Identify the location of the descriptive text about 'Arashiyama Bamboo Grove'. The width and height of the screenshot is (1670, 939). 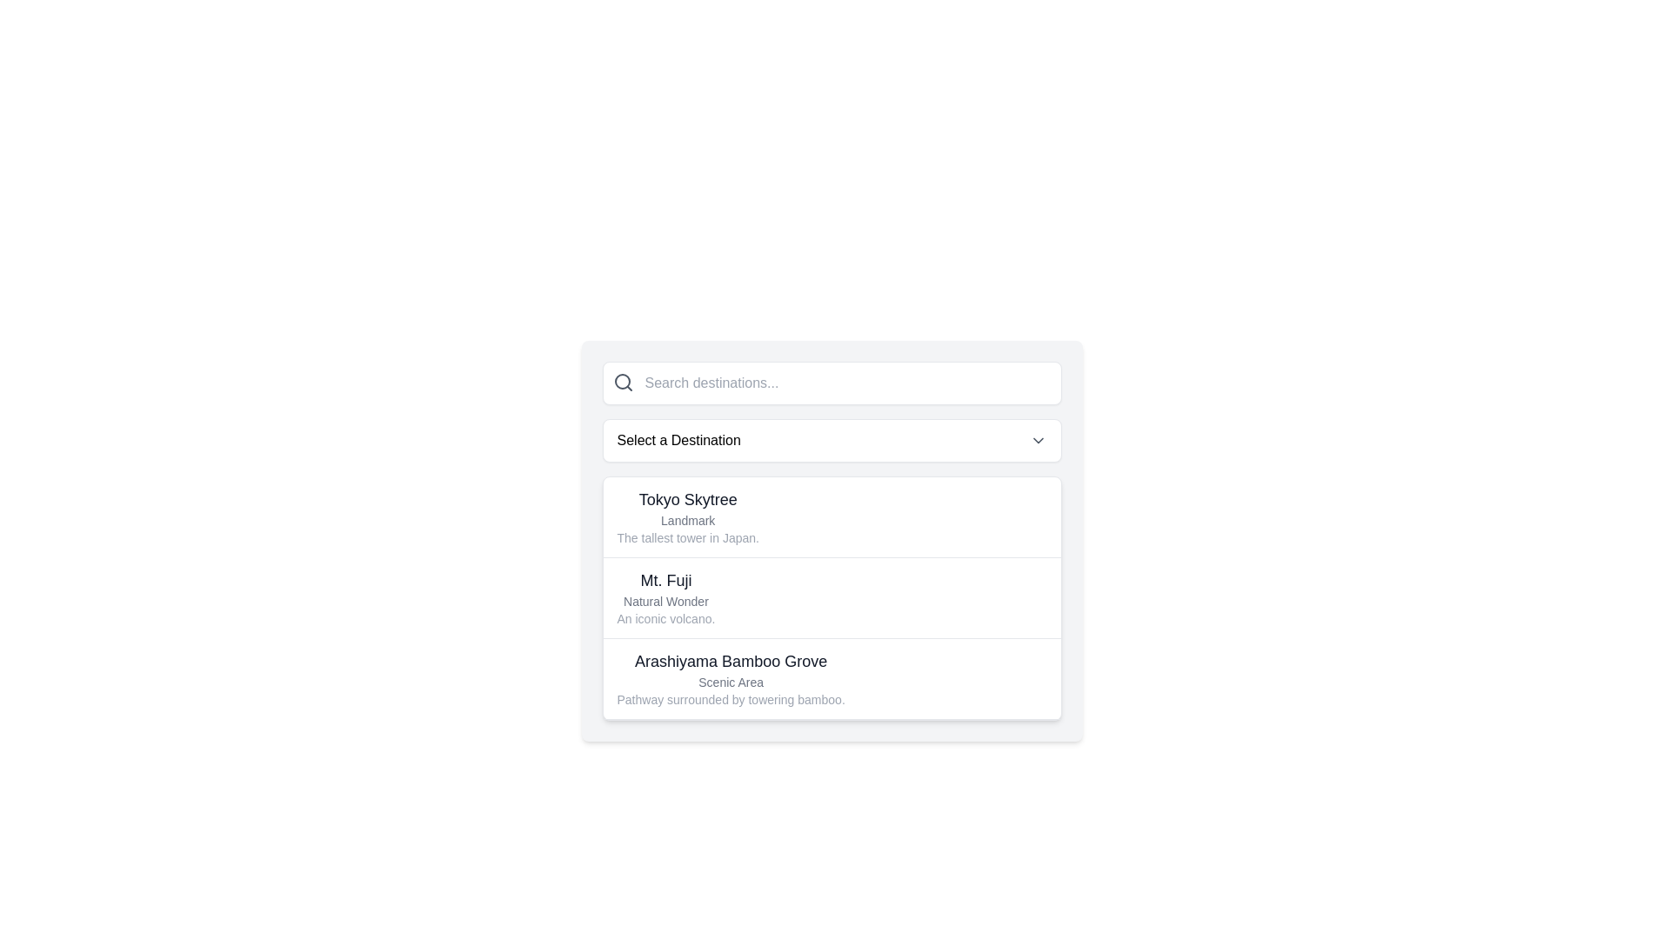
(731, 699).